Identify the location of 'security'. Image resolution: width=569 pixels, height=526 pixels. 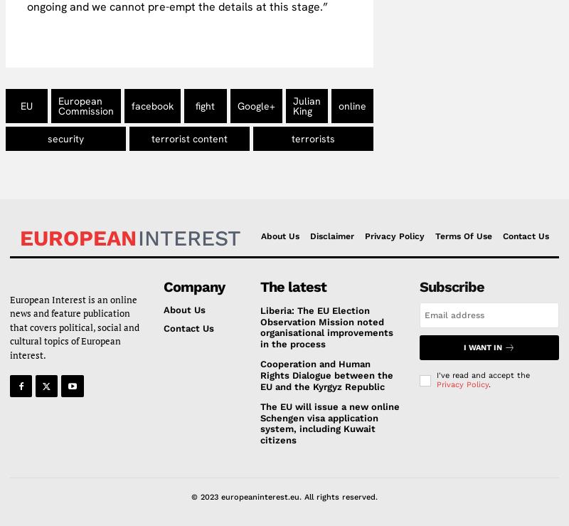
(65, 137).